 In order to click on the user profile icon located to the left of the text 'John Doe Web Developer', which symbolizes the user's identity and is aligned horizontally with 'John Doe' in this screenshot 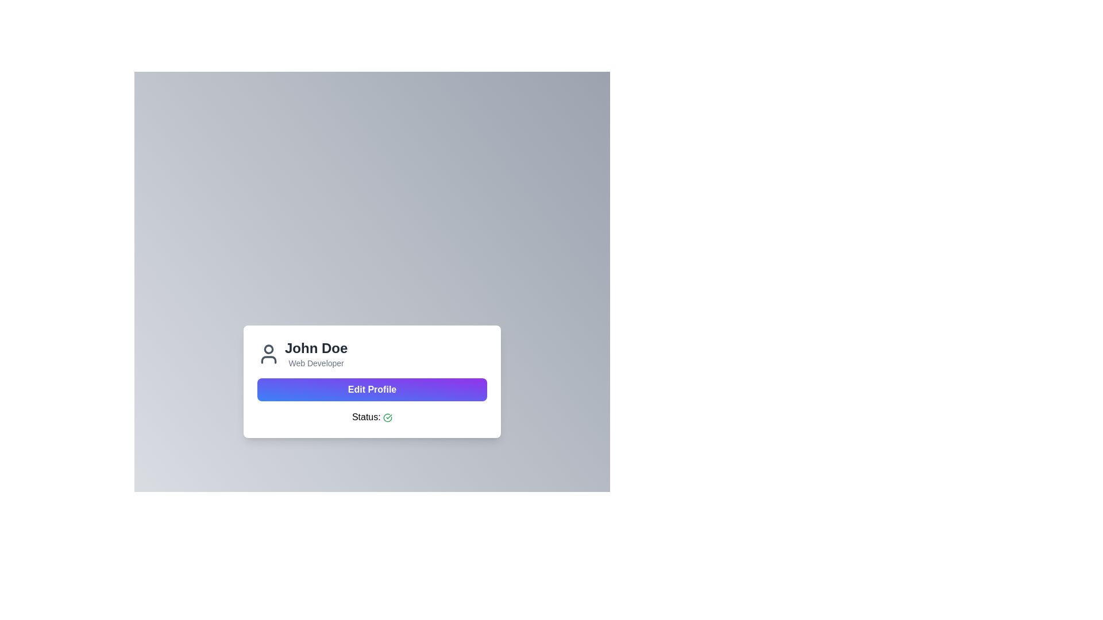, I will do `click(268, 354)`.